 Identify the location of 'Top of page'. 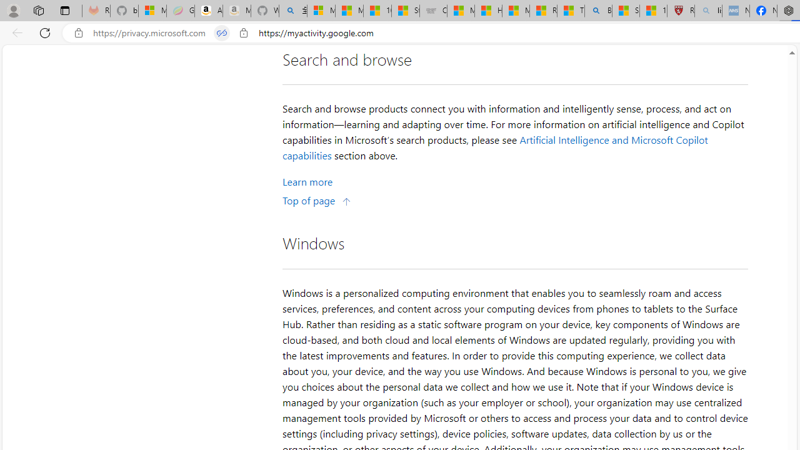
(317, 200).